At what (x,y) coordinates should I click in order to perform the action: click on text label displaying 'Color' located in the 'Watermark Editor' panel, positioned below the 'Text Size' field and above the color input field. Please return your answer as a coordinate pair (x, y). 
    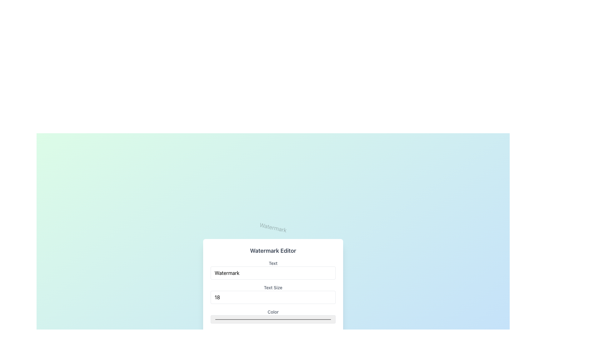
    Looking at the image, I should click on (273, 312).